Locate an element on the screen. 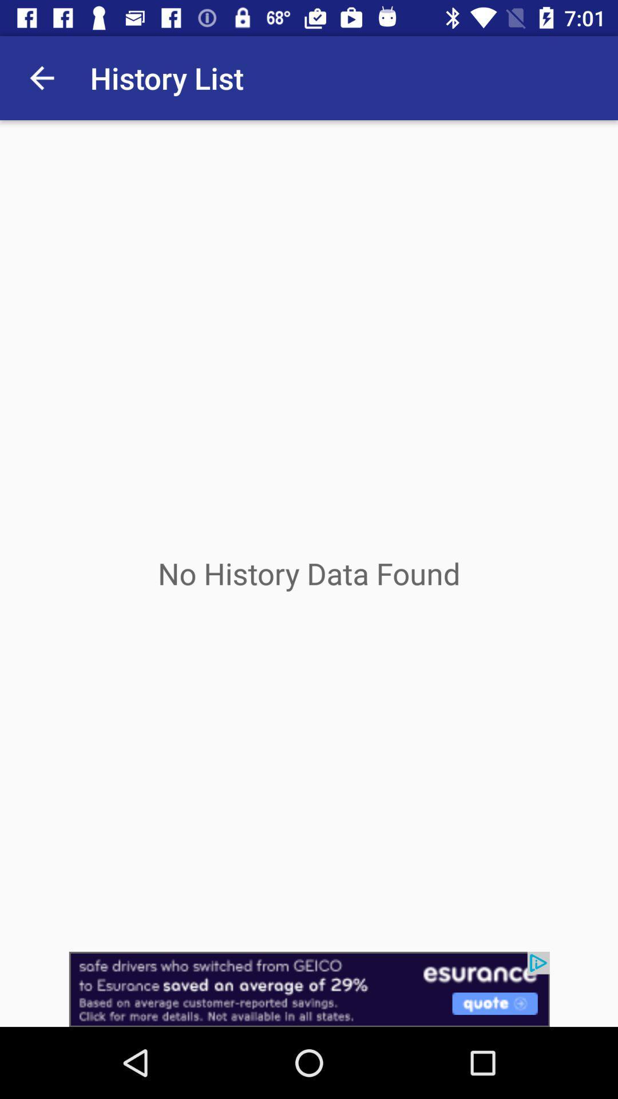  advertisement is located at coordinates (309, 989).